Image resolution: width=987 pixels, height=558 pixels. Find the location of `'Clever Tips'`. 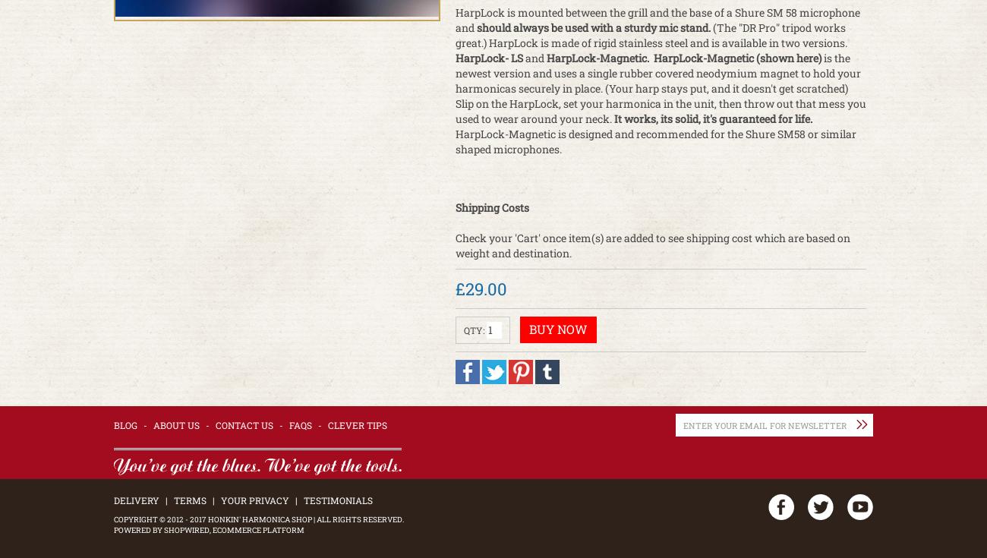

'Clever Tips' is located at coordinates (327, 424).